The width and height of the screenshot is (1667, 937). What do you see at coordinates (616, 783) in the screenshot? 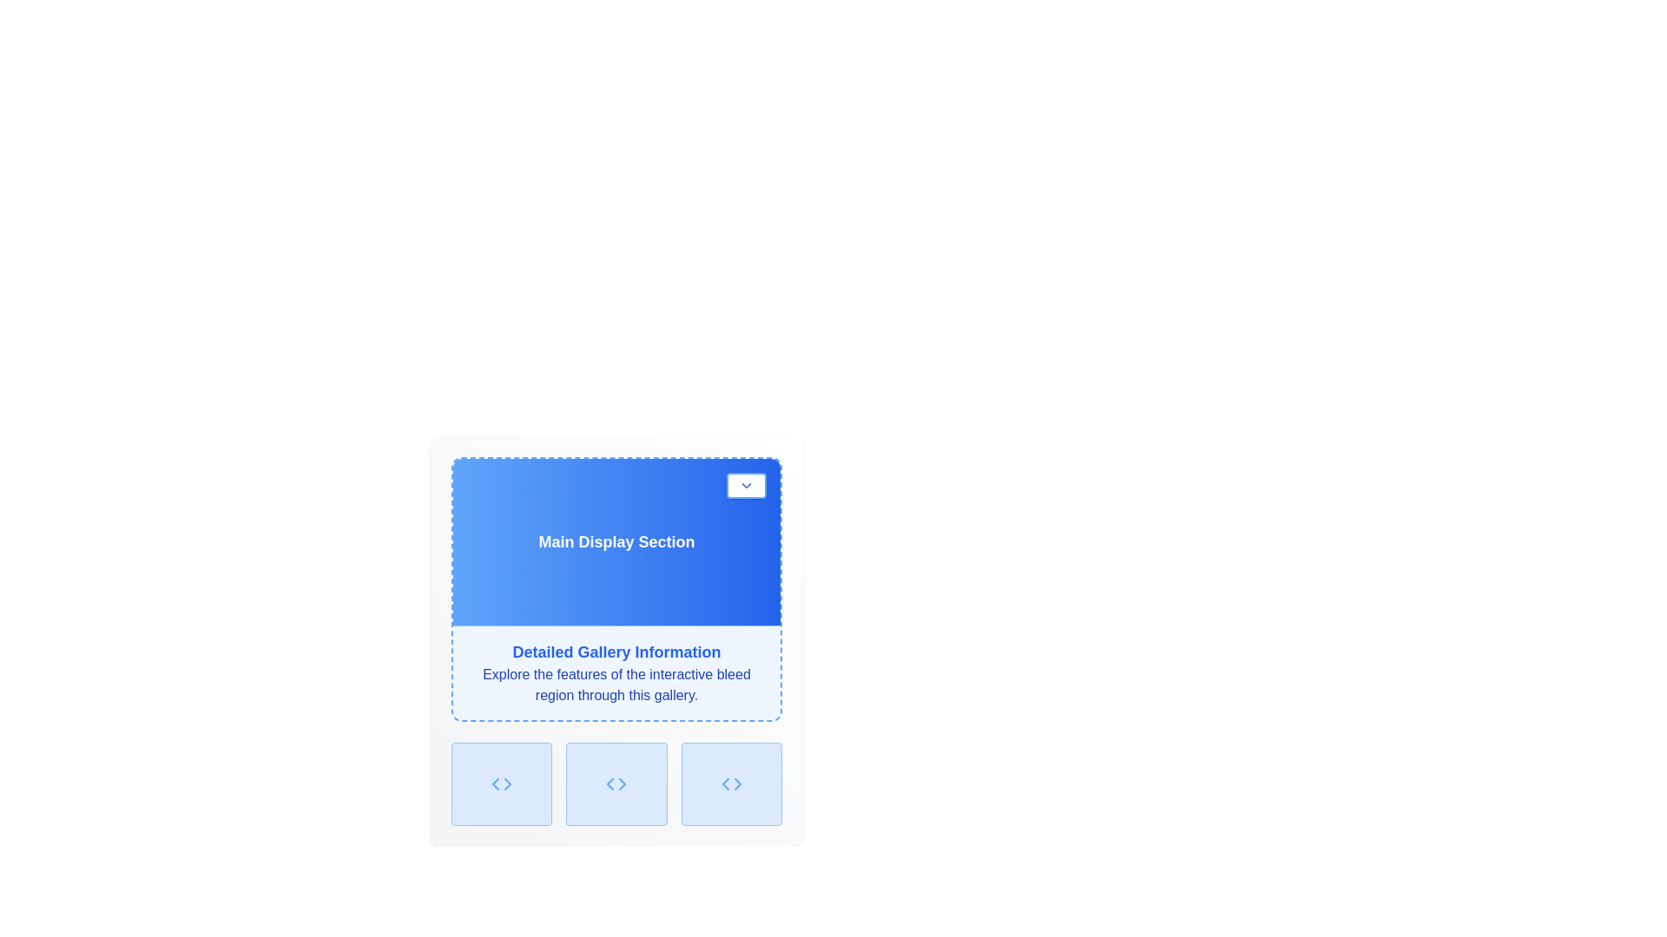
I see `the interactive card component with a light blue background and a code icon, located at the center of the grid layout` at bounding box center [616, 783].